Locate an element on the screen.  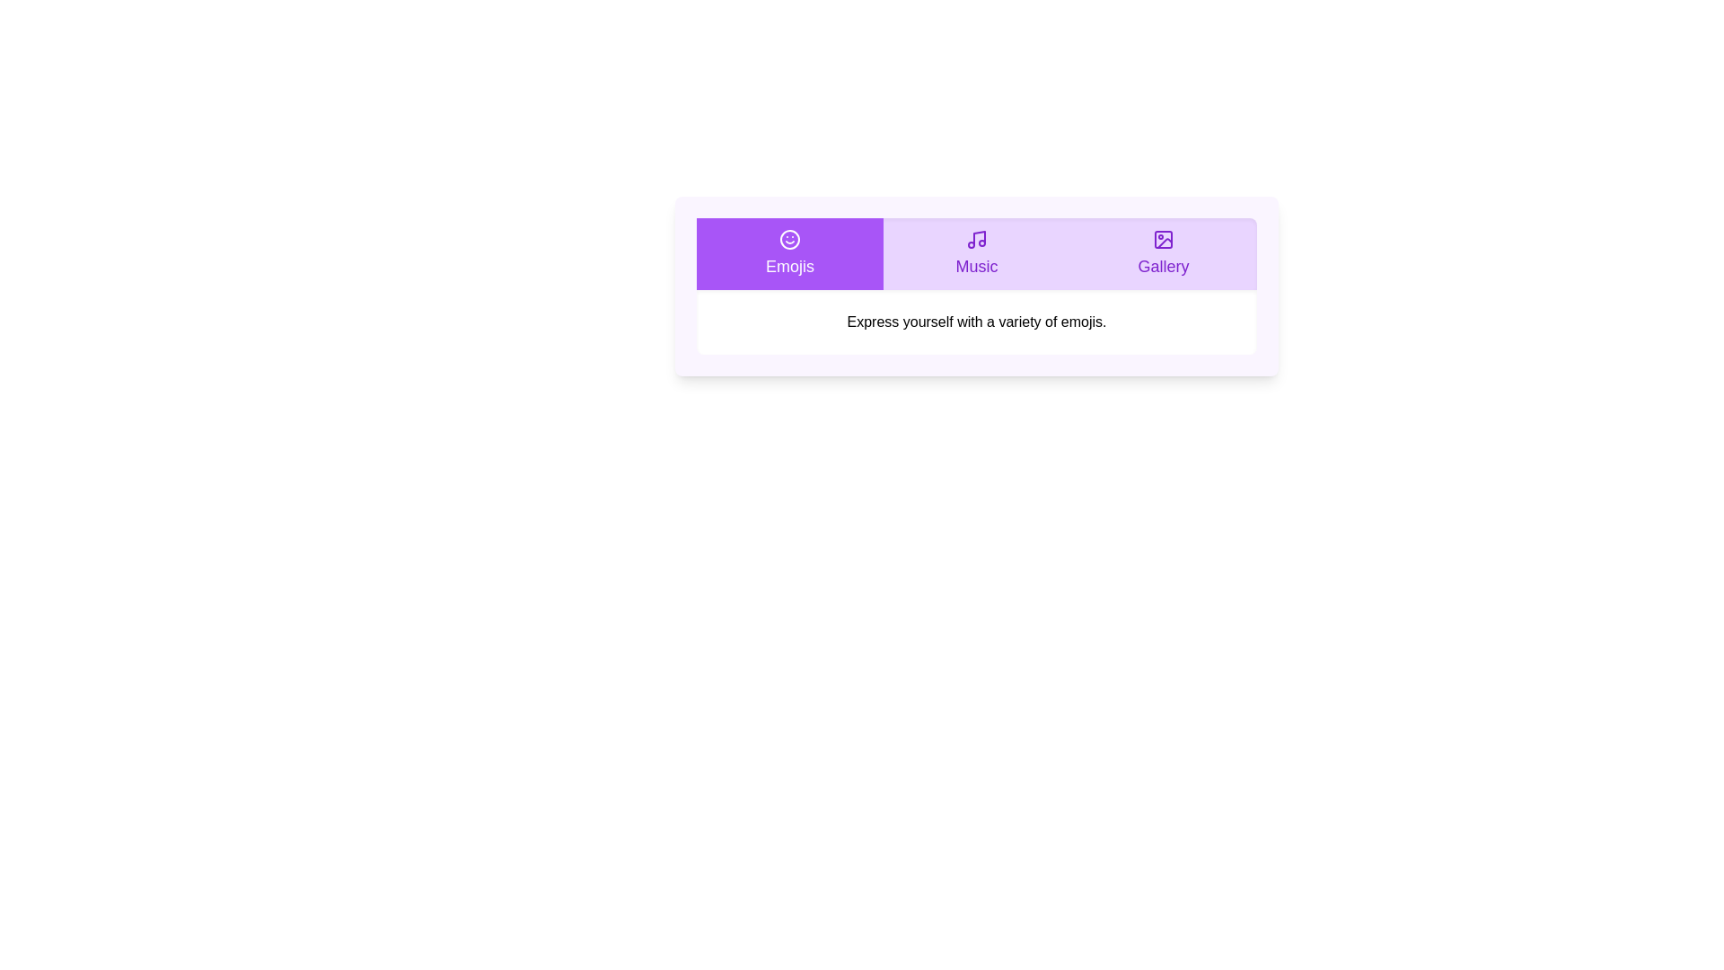
the tab labeled 'Music' to switch its content is located at coordinates (976, 253).